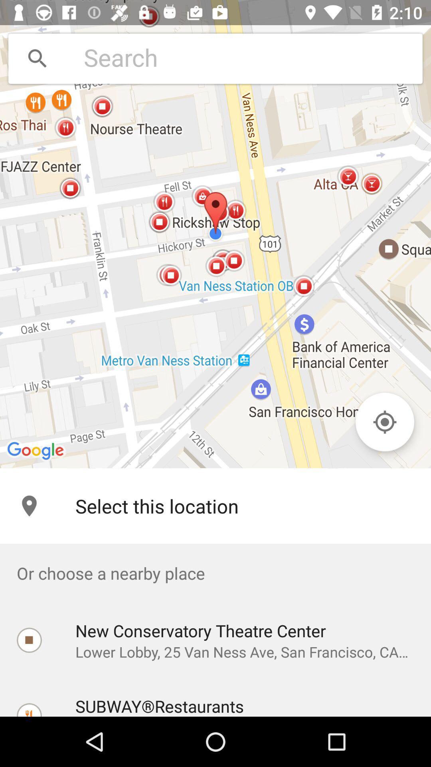 The height and width of the screenshot is (767, 431). Describe the element at coordinates (215, 234) in the screenshot. I see `the icon above the select this location` at that location.